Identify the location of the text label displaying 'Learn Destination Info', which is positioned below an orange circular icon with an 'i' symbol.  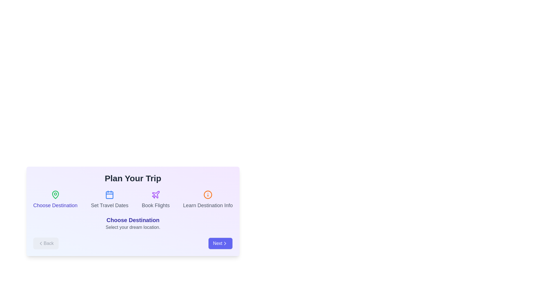
(207, 205).